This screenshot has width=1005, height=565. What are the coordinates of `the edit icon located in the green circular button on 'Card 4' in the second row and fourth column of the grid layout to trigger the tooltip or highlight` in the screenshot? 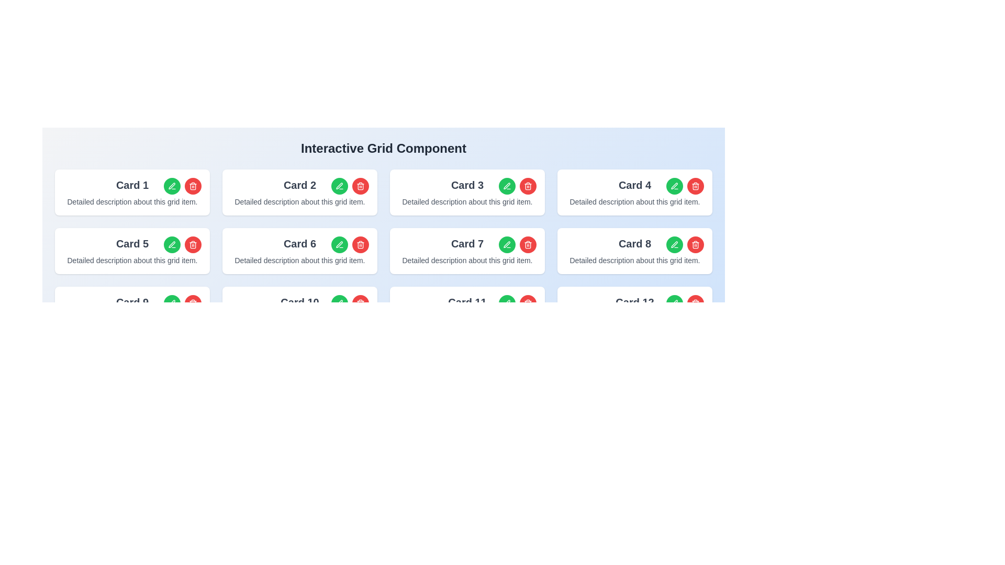 It's located at (675, 303).